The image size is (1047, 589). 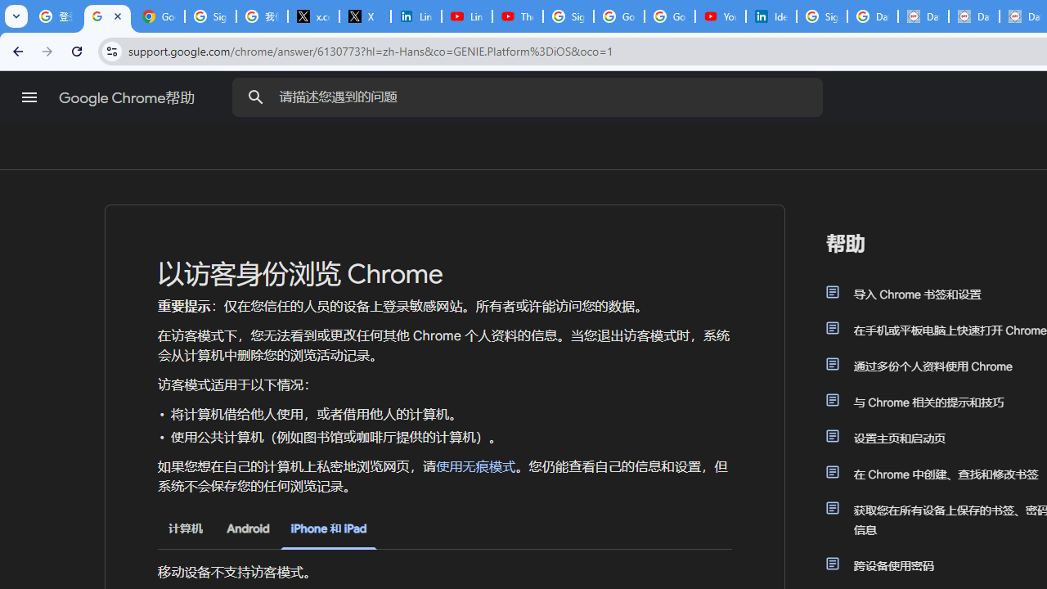 What do you see at coordinates (364, 16) in the screenshot?
I see `'X'` at bounding box center [364, 16].